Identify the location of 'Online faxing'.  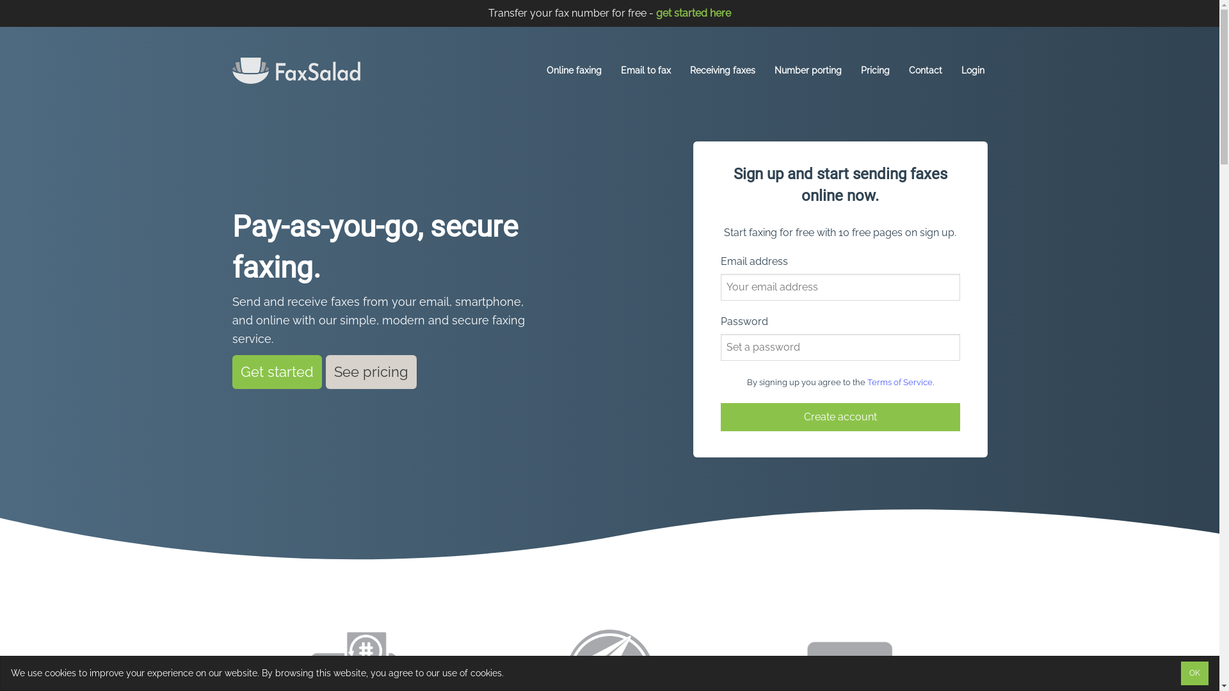
(574, 70).